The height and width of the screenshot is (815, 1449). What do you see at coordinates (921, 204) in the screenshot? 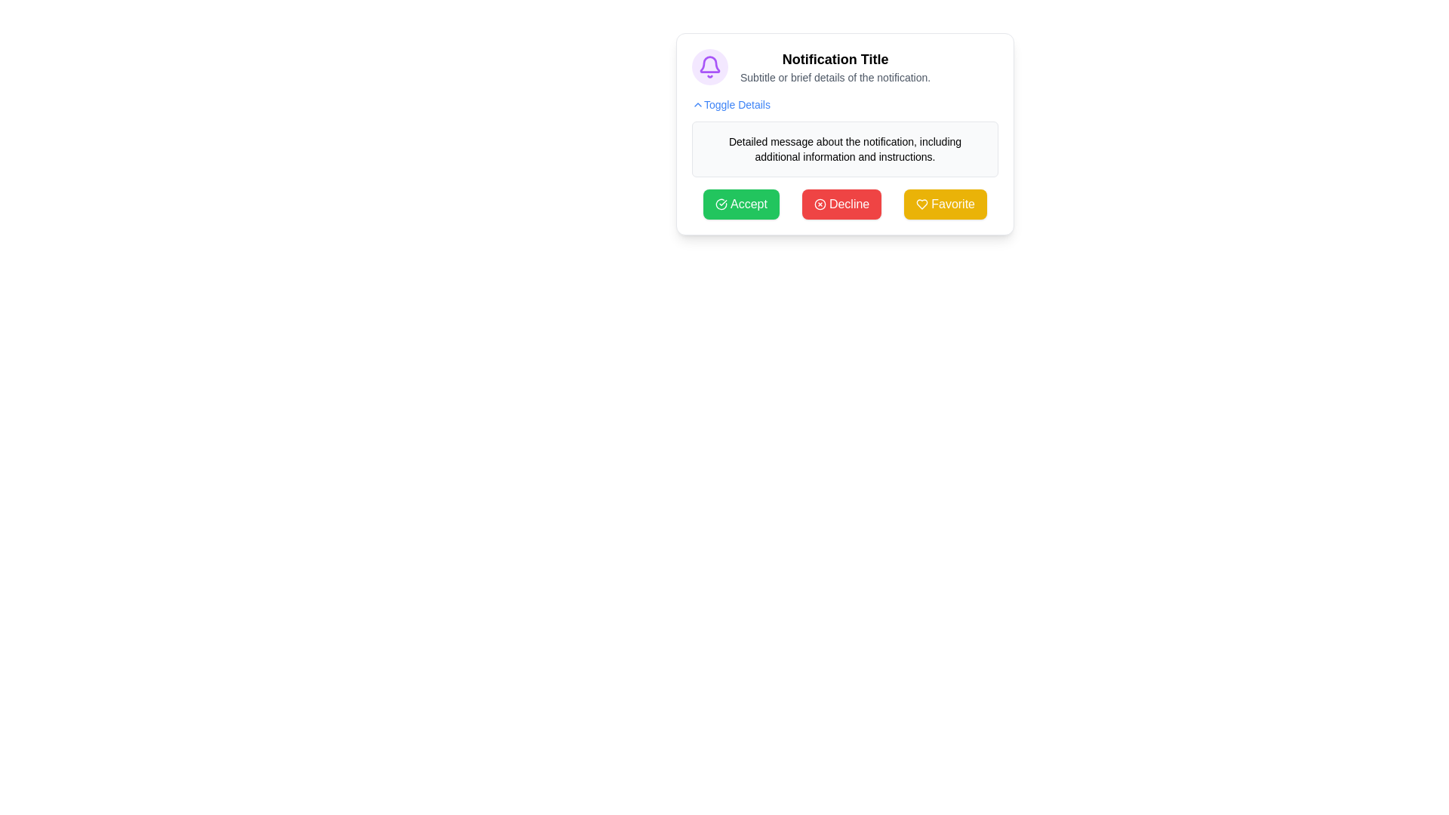
I see `the yellow heart-shaped 'Favorite' icon located in the bottom-right part of the notification card` at bounding box center [921, 204].